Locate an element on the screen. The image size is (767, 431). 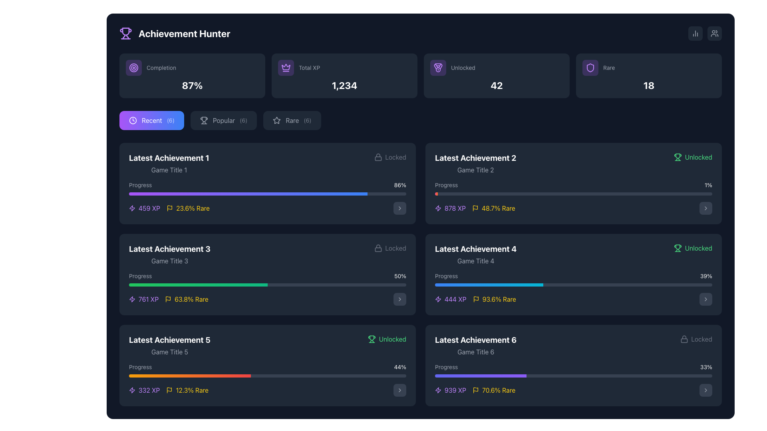
text from the Text Label that indicates the quantified percentage of progress, located at the far-right end of the horizontal layout within the 'Progress' section is located at coordinates (706, 367).